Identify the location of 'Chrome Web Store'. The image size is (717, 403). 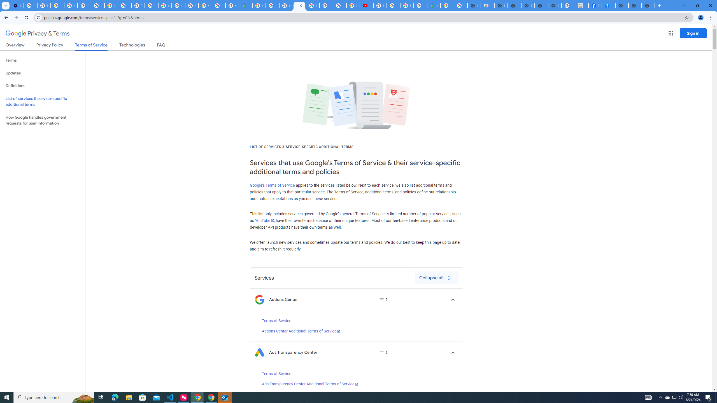
(487, 5).